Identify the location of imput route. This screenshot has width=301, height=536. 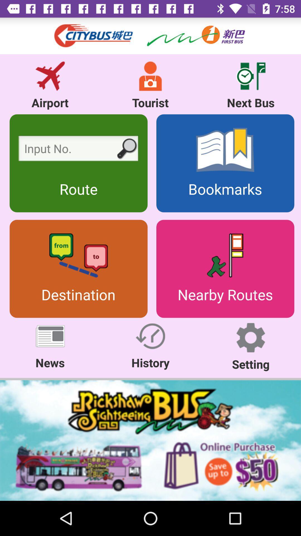
(78, 150).